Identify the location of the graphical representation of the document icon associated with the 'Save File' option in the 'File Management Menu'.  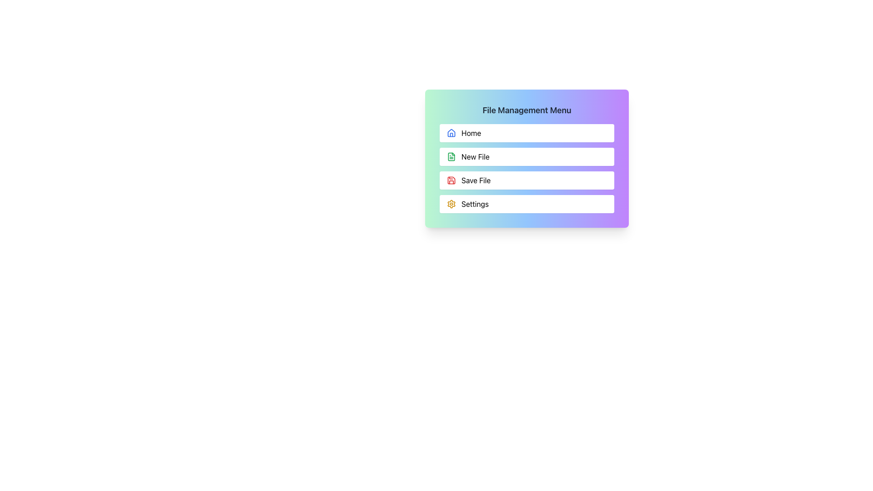
(452, 156).